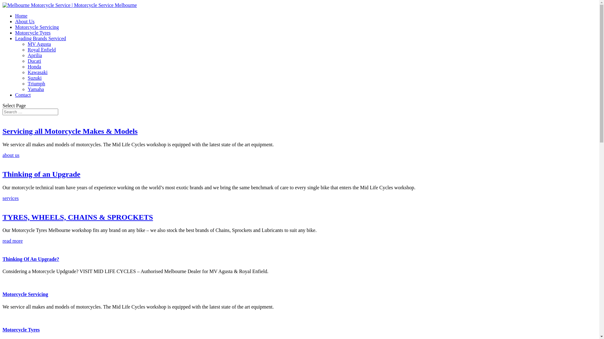  What do you see at coordinates (25, 294) in the screenshot?
I see `'Motorcycle Servicing'` at bounding box center [25, 294].